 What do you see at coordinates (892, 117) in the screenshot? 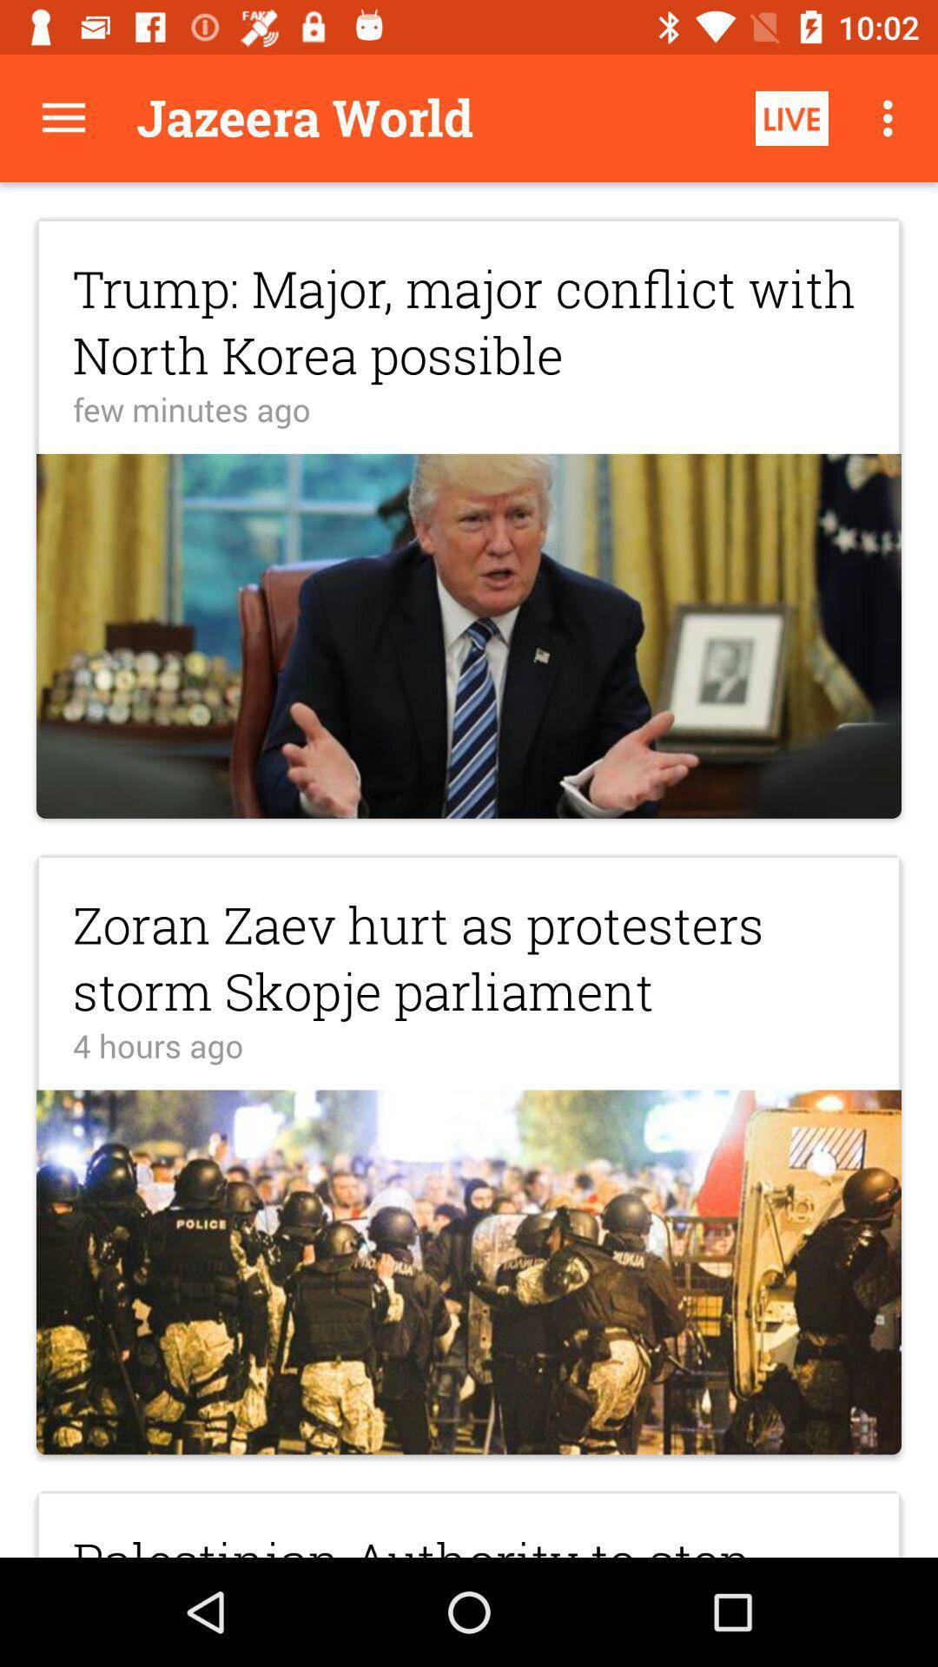
I see `icon above the trump major major item` at bounding box center [892, 117].